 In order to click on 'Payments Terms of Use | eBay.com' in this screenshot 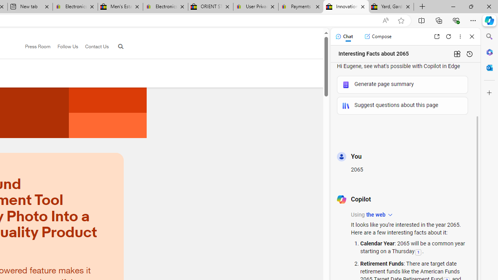, I will do `click(300, 7)`.